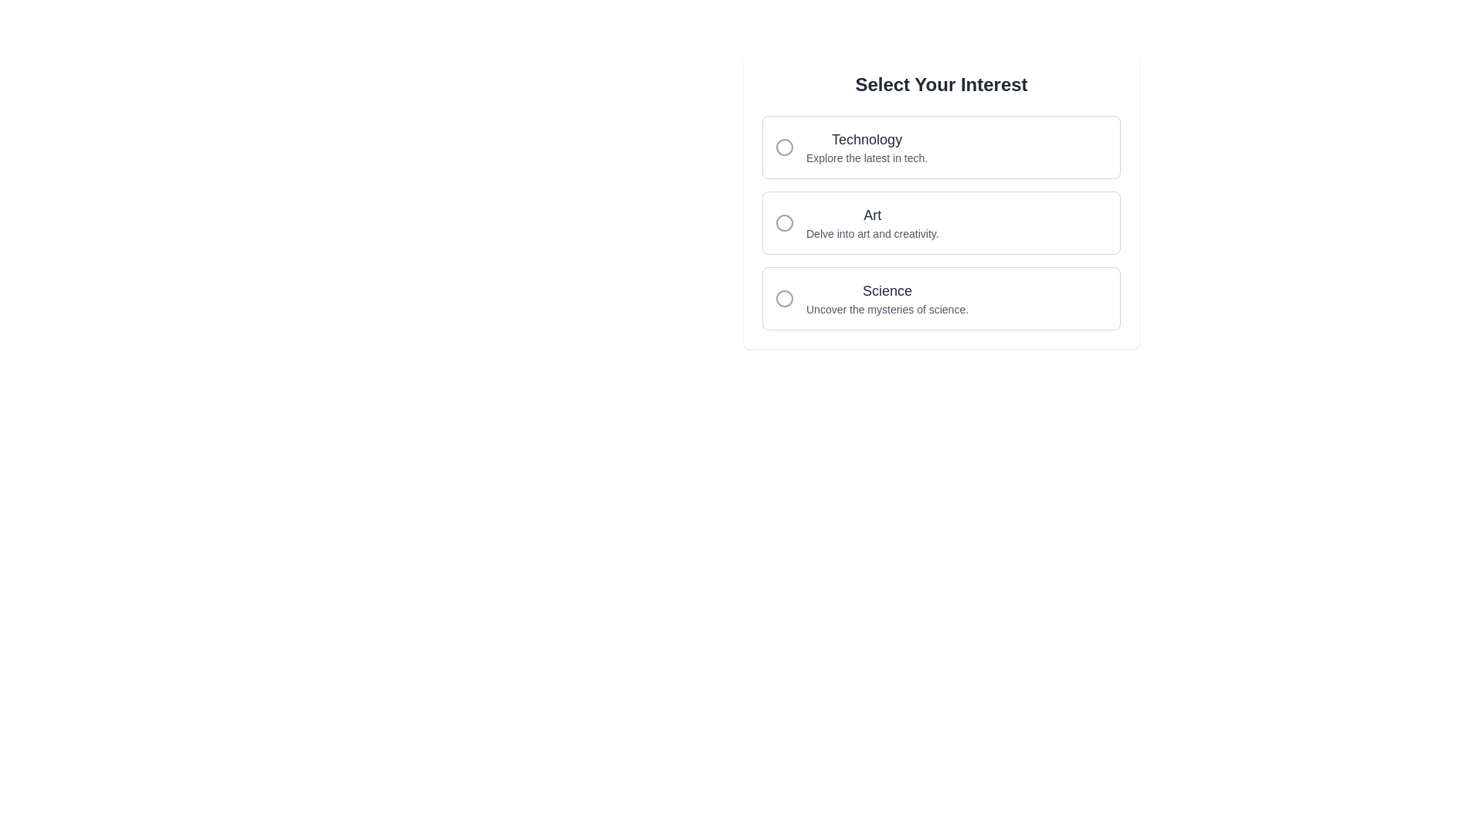 This screenshot has height=834, width=1483. I want to click on the second radio option in the 'Select Your Interest' group, which represents the topic 'Art', so click(941, 223).